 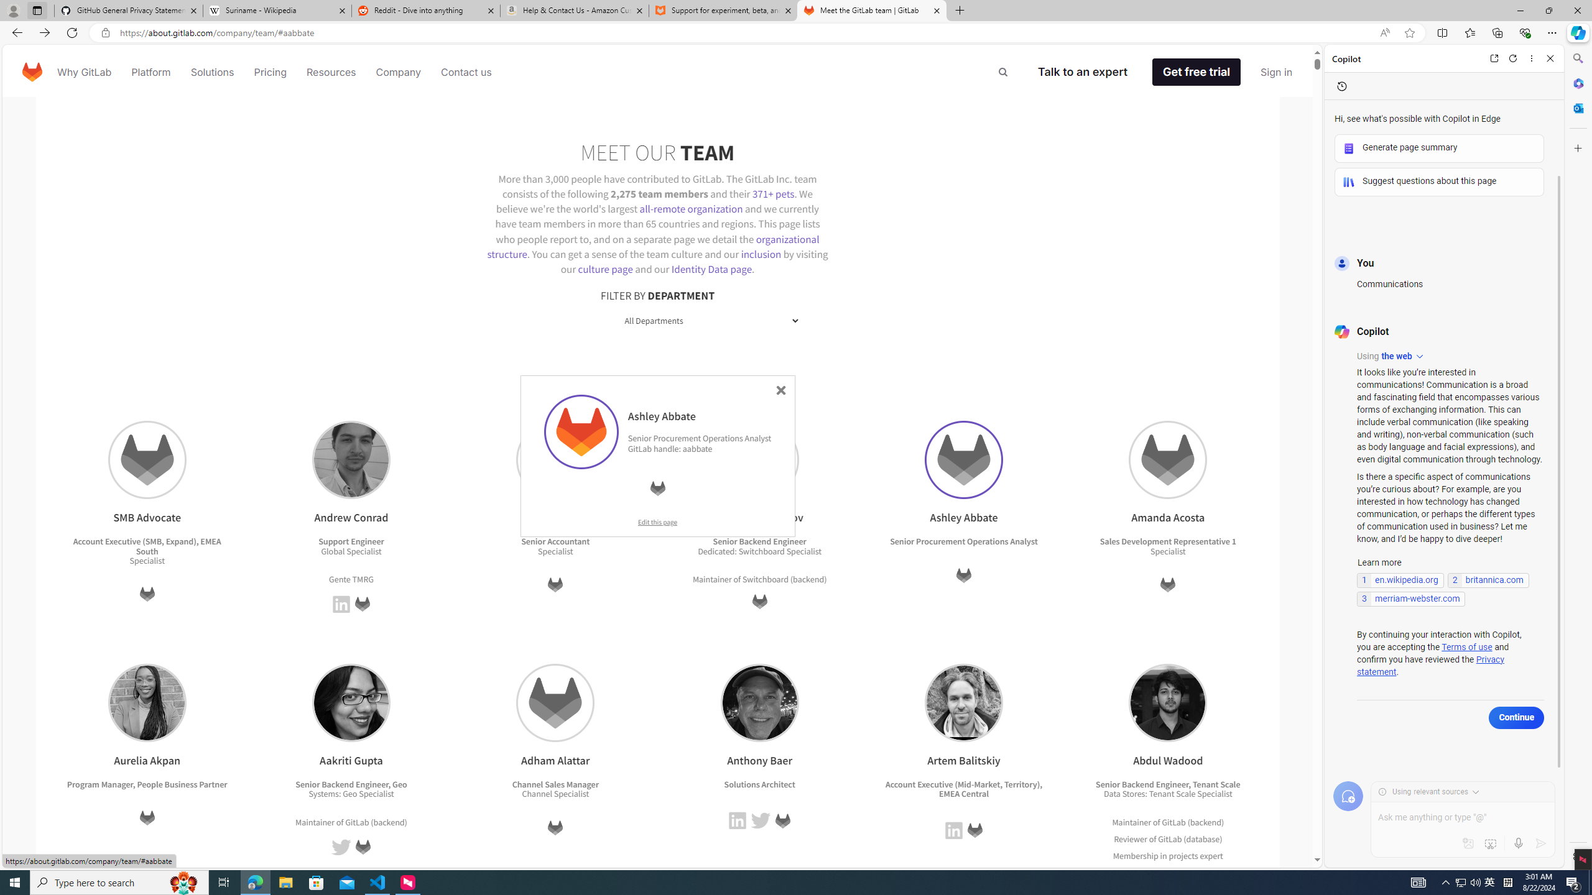 I want to click on 'Andrey Ruzmanov', so click(x=760, y=459).